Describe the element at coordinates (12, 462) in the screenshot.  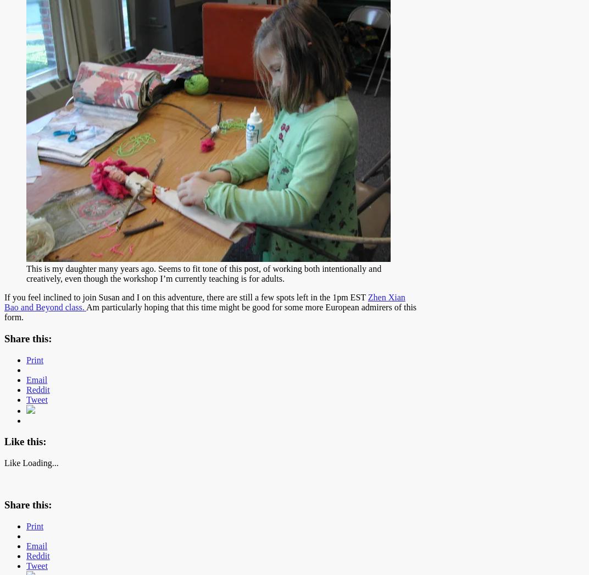
I see `'Like'` at that location.